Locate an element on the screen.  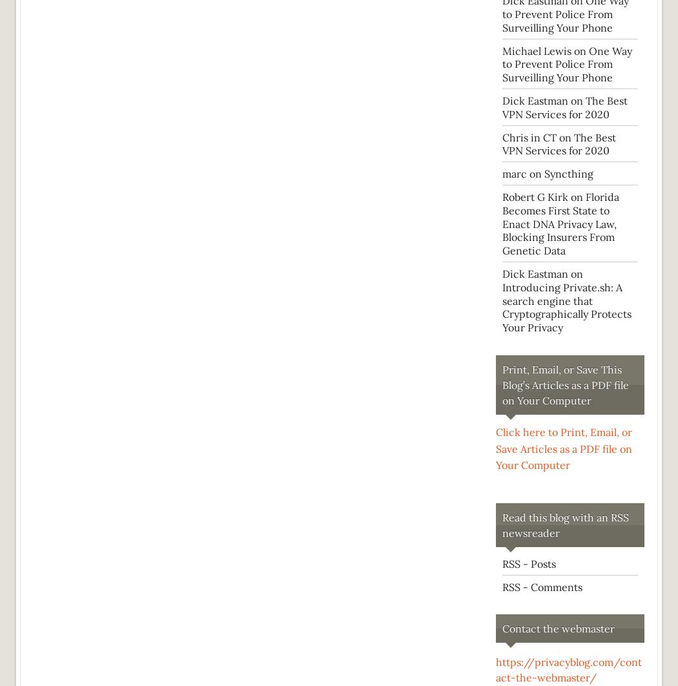
'marc on' is located at coordinates (522, 173).